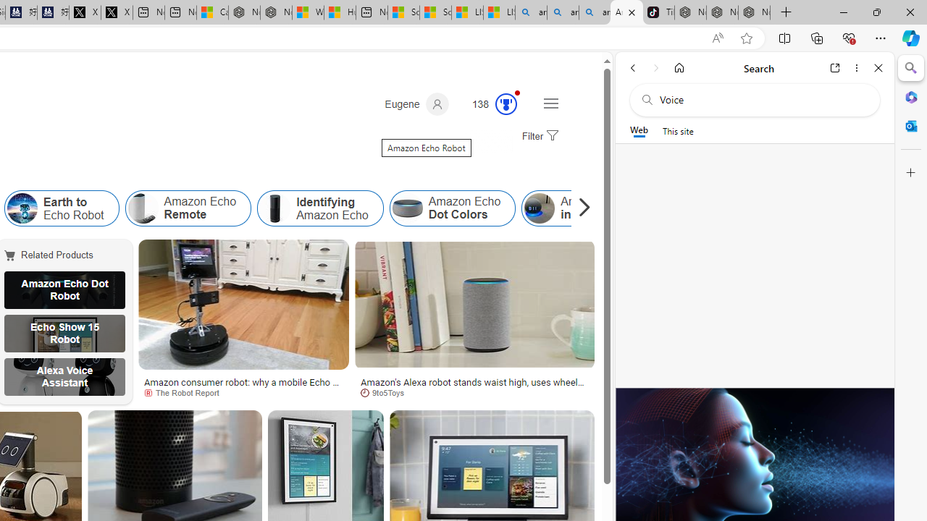  What do you see at coordinates (539, 208) in the screenshot?
I see `'Amazon Echo in Action'` at bounding box center [539, 208].